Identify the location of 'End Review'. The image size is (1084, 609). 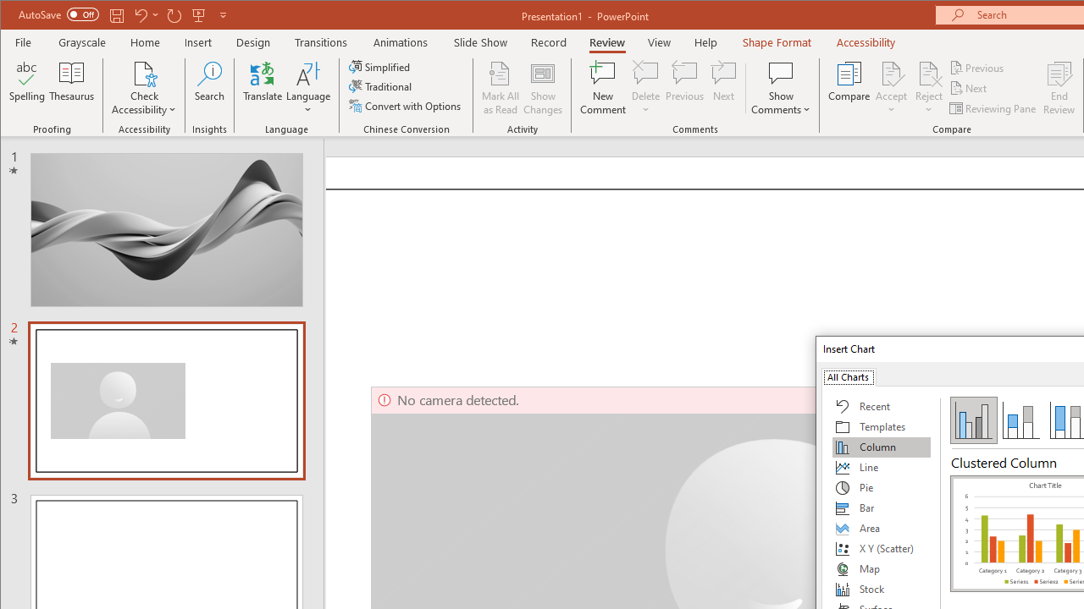
(1059, 88).